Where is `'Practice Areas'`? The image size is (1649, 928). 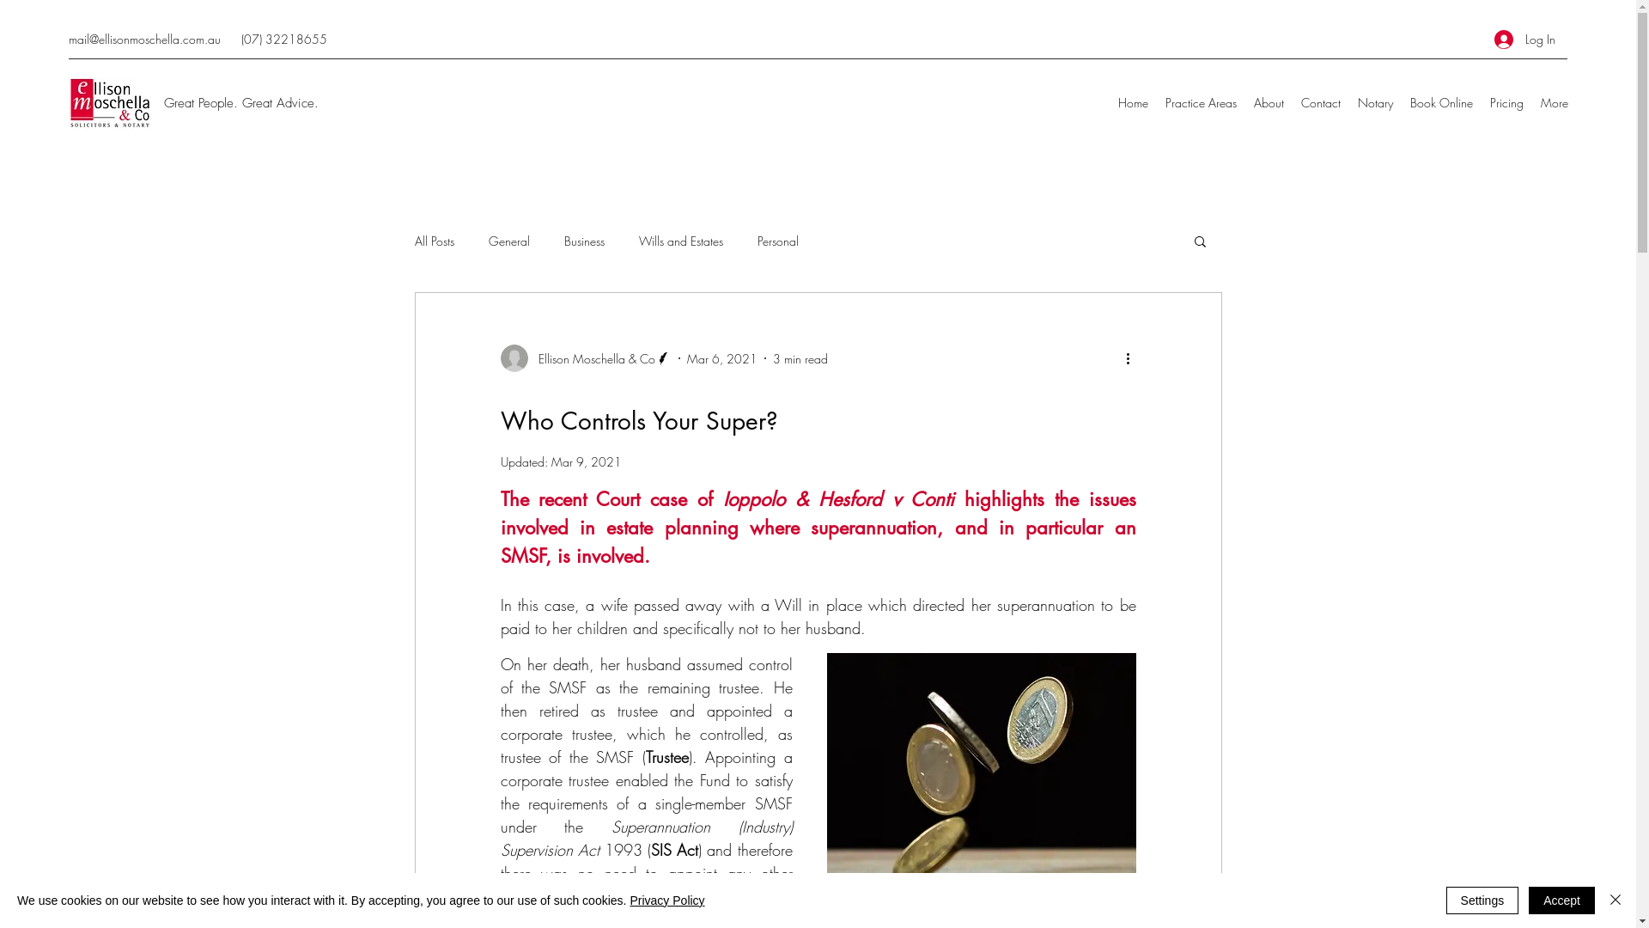 'Practice Areas' is located at coordinates (1200, 102).